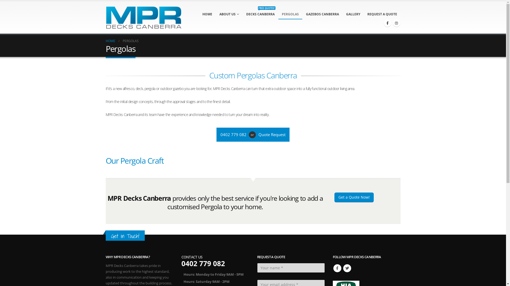 Image resolution: width=510 pixels, height=286 pixels. I want to click on 'Twitter', so click(347, 268).